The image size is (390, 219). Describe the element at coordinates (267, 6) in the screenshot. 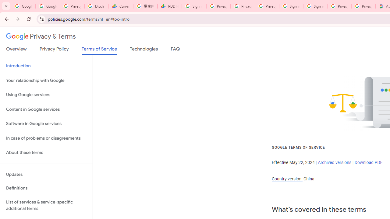

I see `'Privacy Checkup'` at that location.